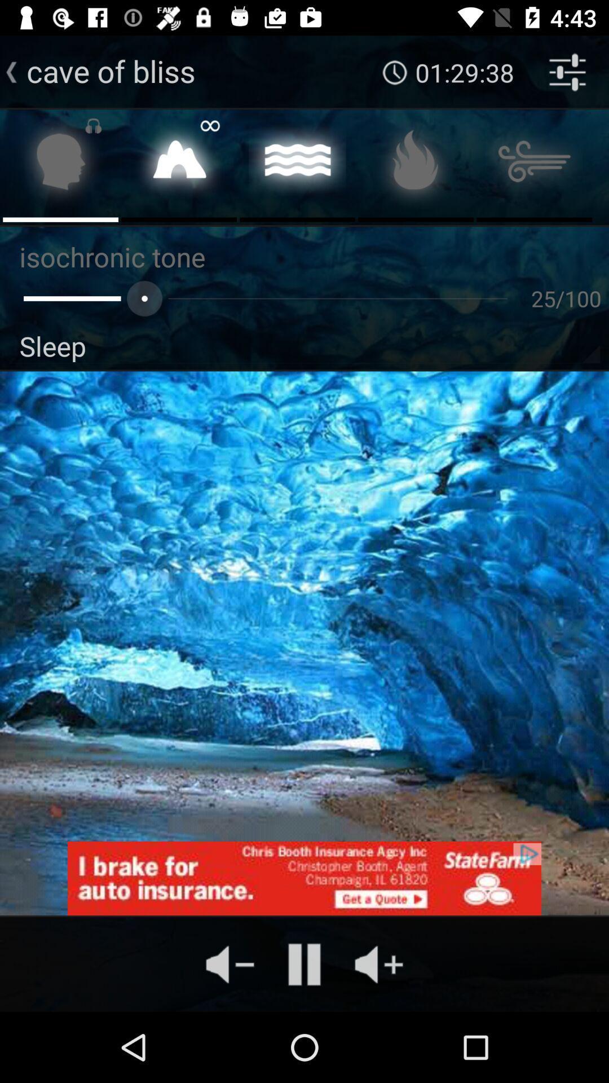 This screenshot has width=609, height=1083. What do you see at coordinates (230, 963) in the screenshot?
I see `the volume icon` at bounding box center [230, 963].